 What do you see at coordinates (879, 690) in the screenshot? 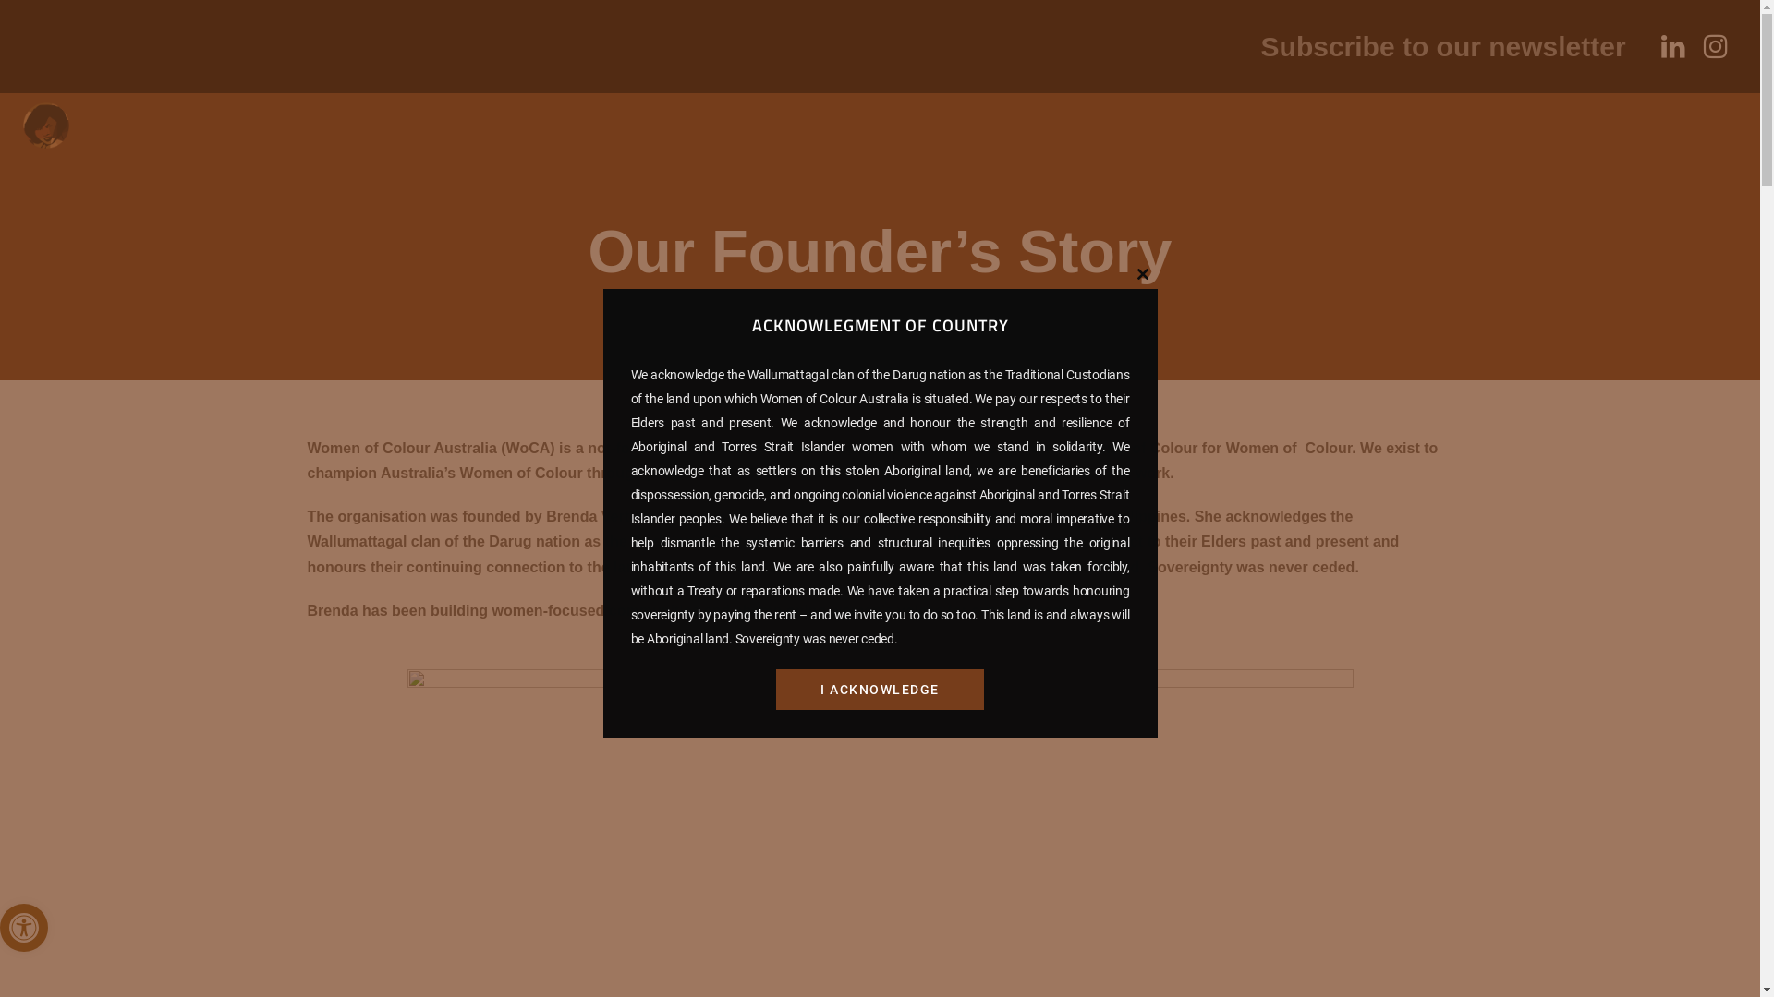
I see `'I ACKNOWLEDGE'` at bounding box center [879, 690].